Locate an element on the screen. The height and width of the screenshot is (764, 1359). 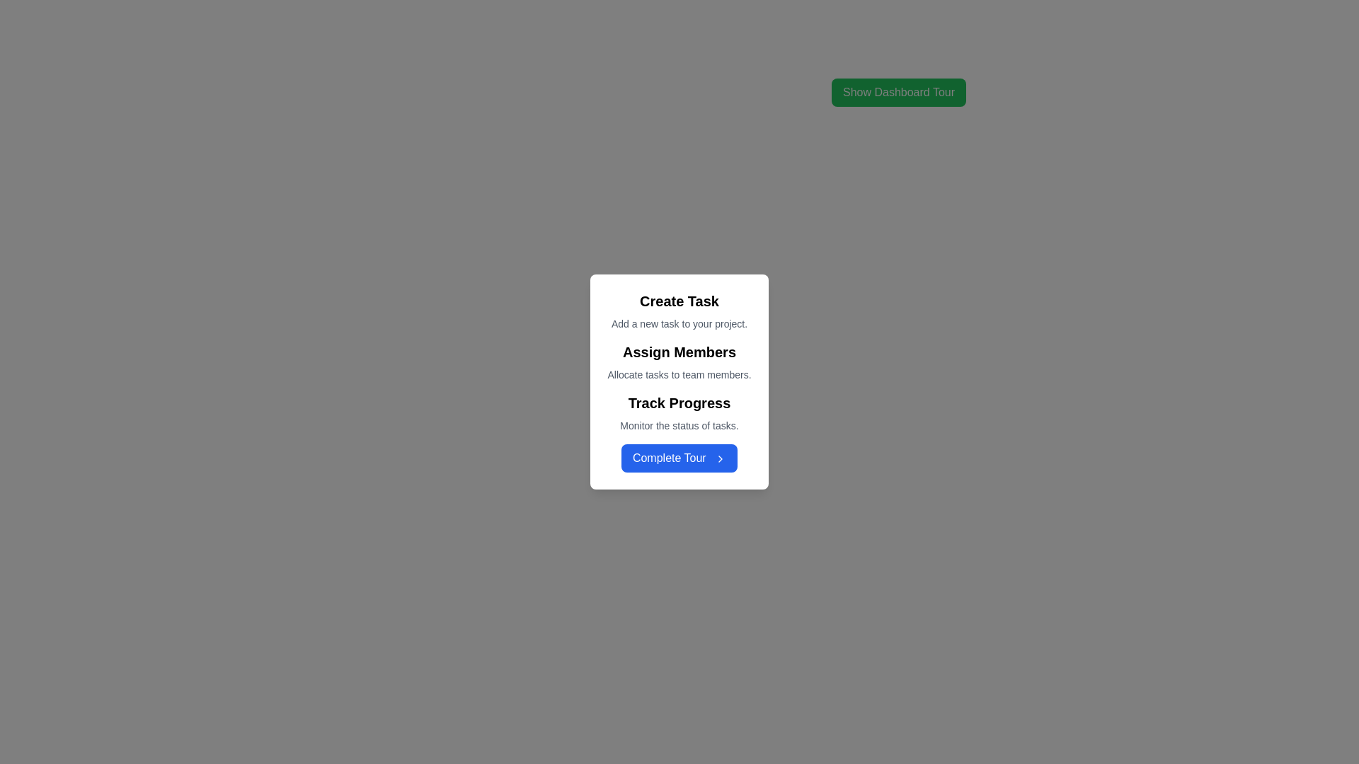
the explanatory text label located under the 'Track Progress' header in the centered overlay panel is located at coordinates (679, 424).